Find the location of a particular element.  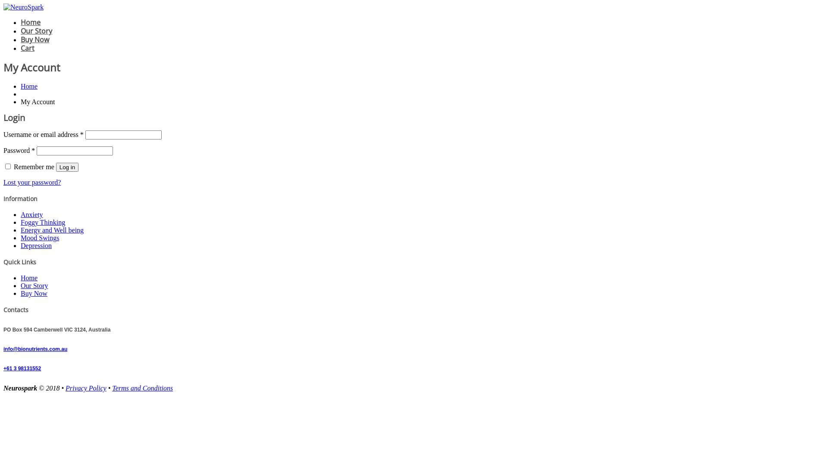

'Foggy Thinking' is located at coordinates (42, 222).